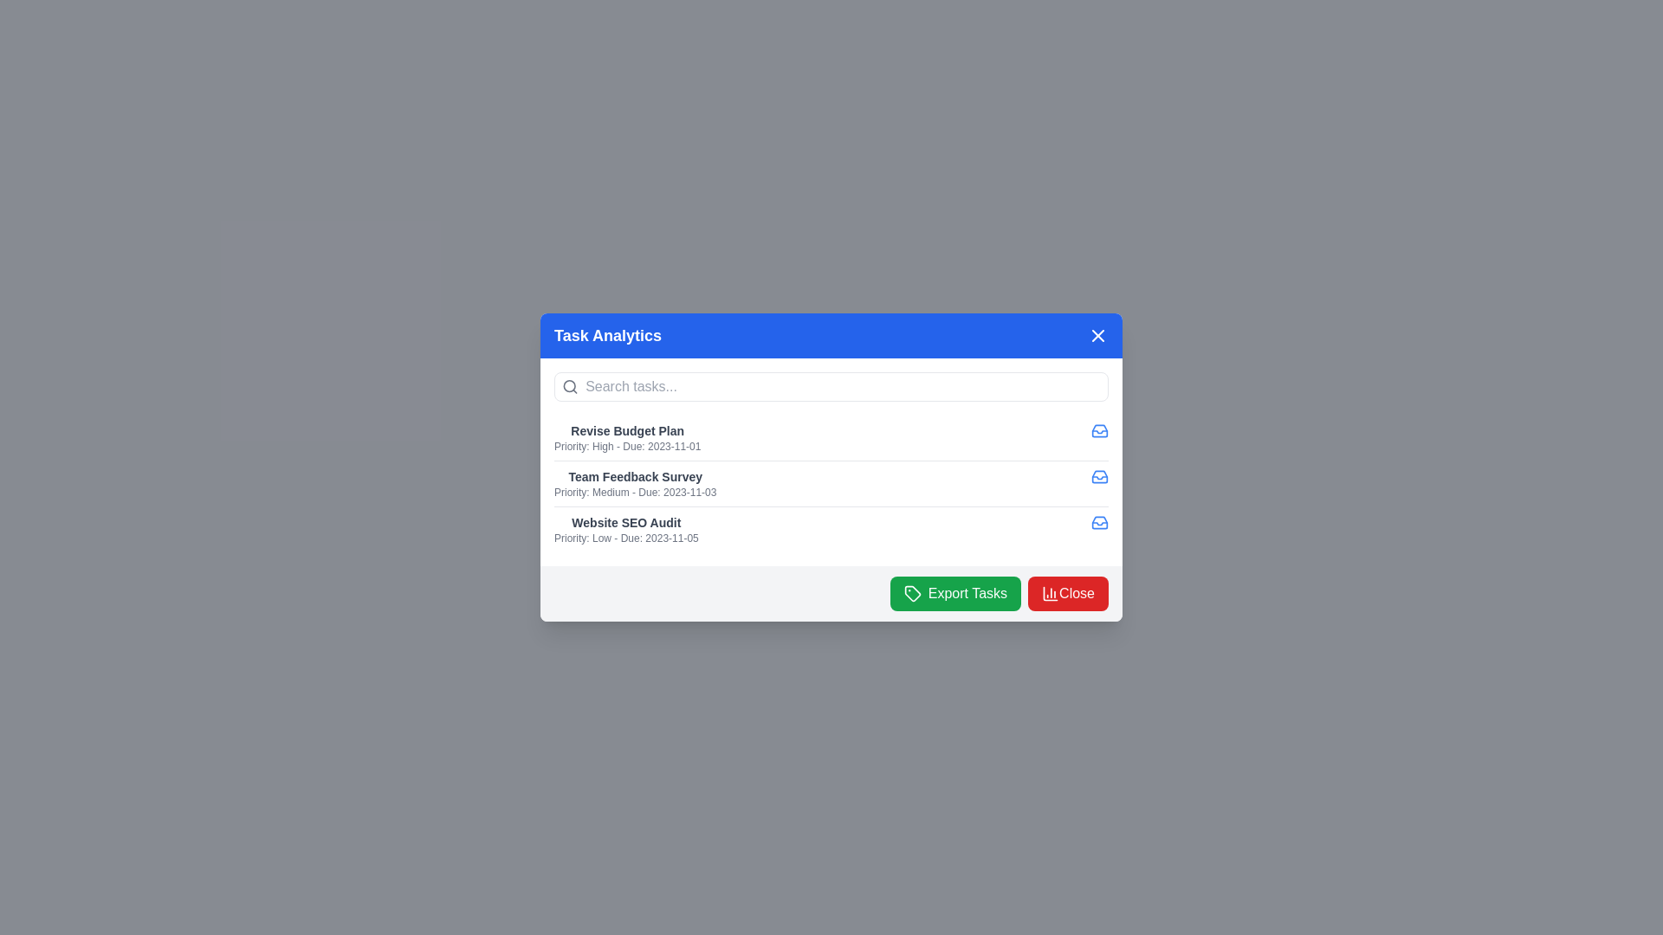  Describe the element at coordinates (1097, 336) in the screenshot. I see `the close button in the top-right corner of the 'Task Analytics' window` at that location.